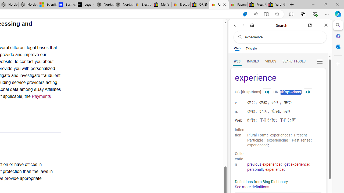  I want to click on 'Press Room - eBay Inc.', so click(257, 5).